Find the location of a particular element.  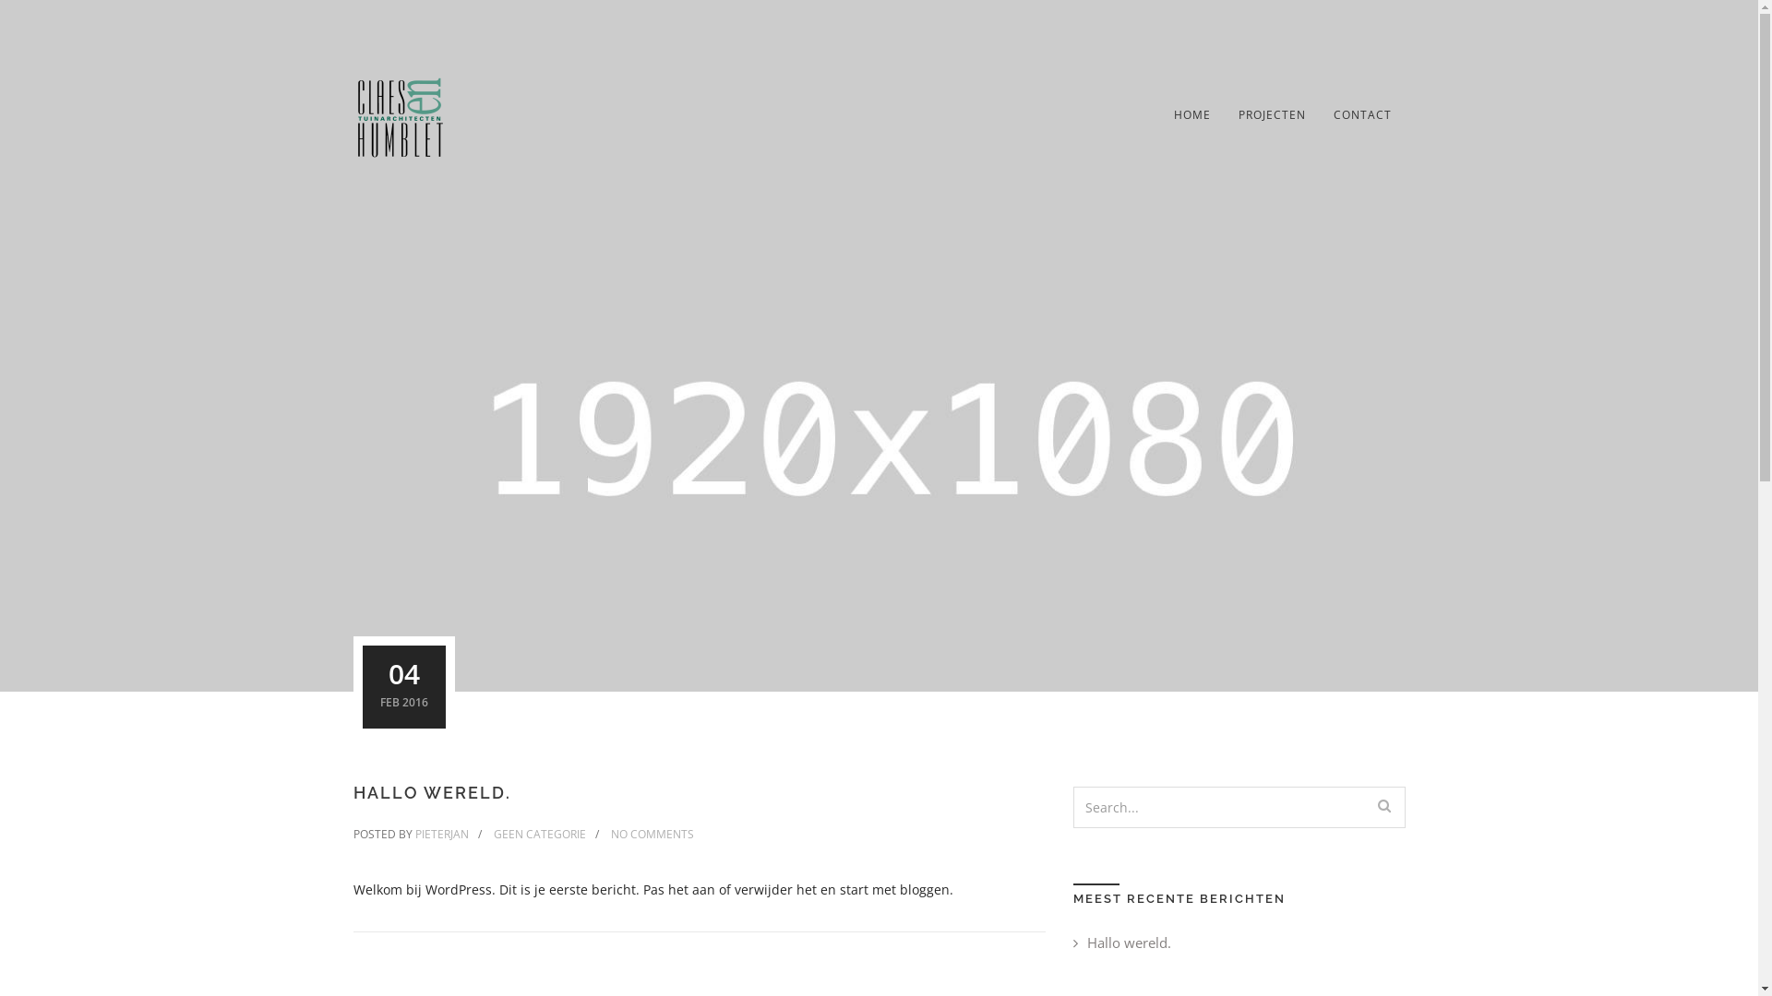

'HOME' is located at coordinates (1191, 114).